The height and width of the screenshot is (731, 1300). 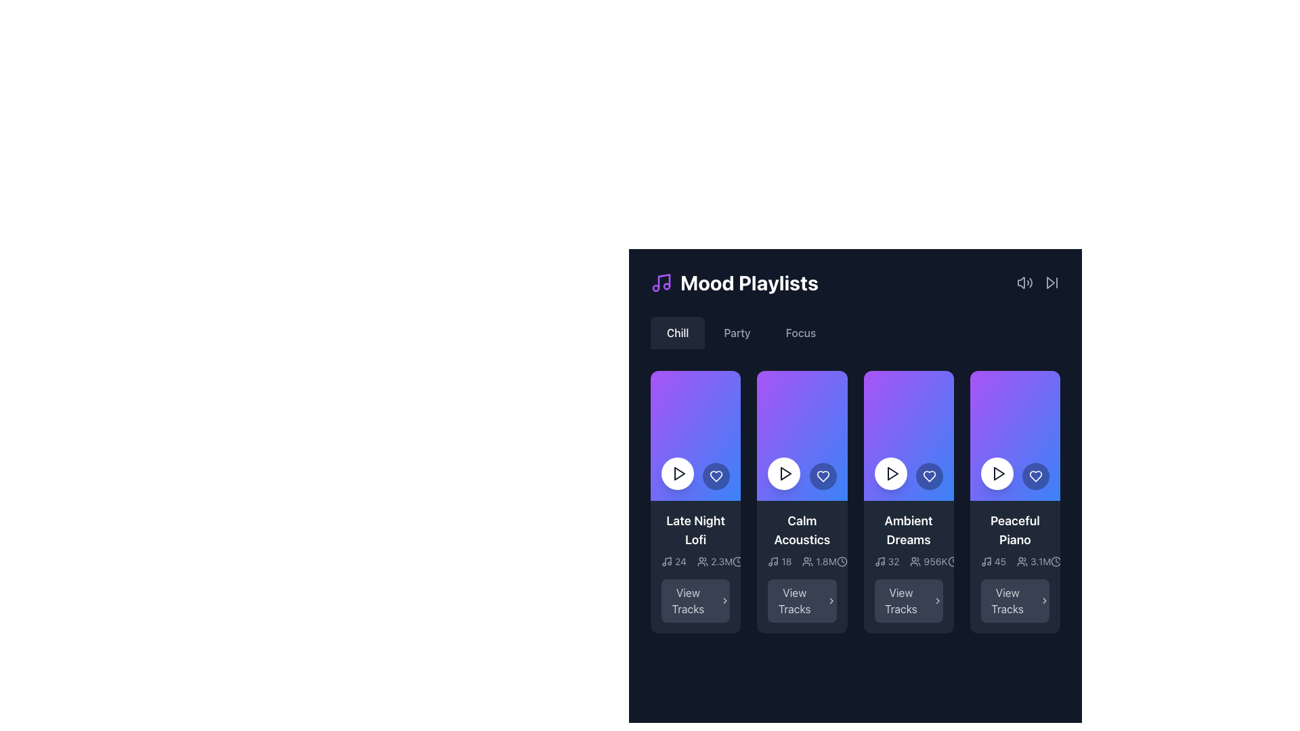 What do you see at coordinates (952, 561) in the screenshot?
I see `the circular vector graphic representing a clock face located at the bottom-right of the 'Ambient Dreams' playlist card` at bounding box center [952, 561].